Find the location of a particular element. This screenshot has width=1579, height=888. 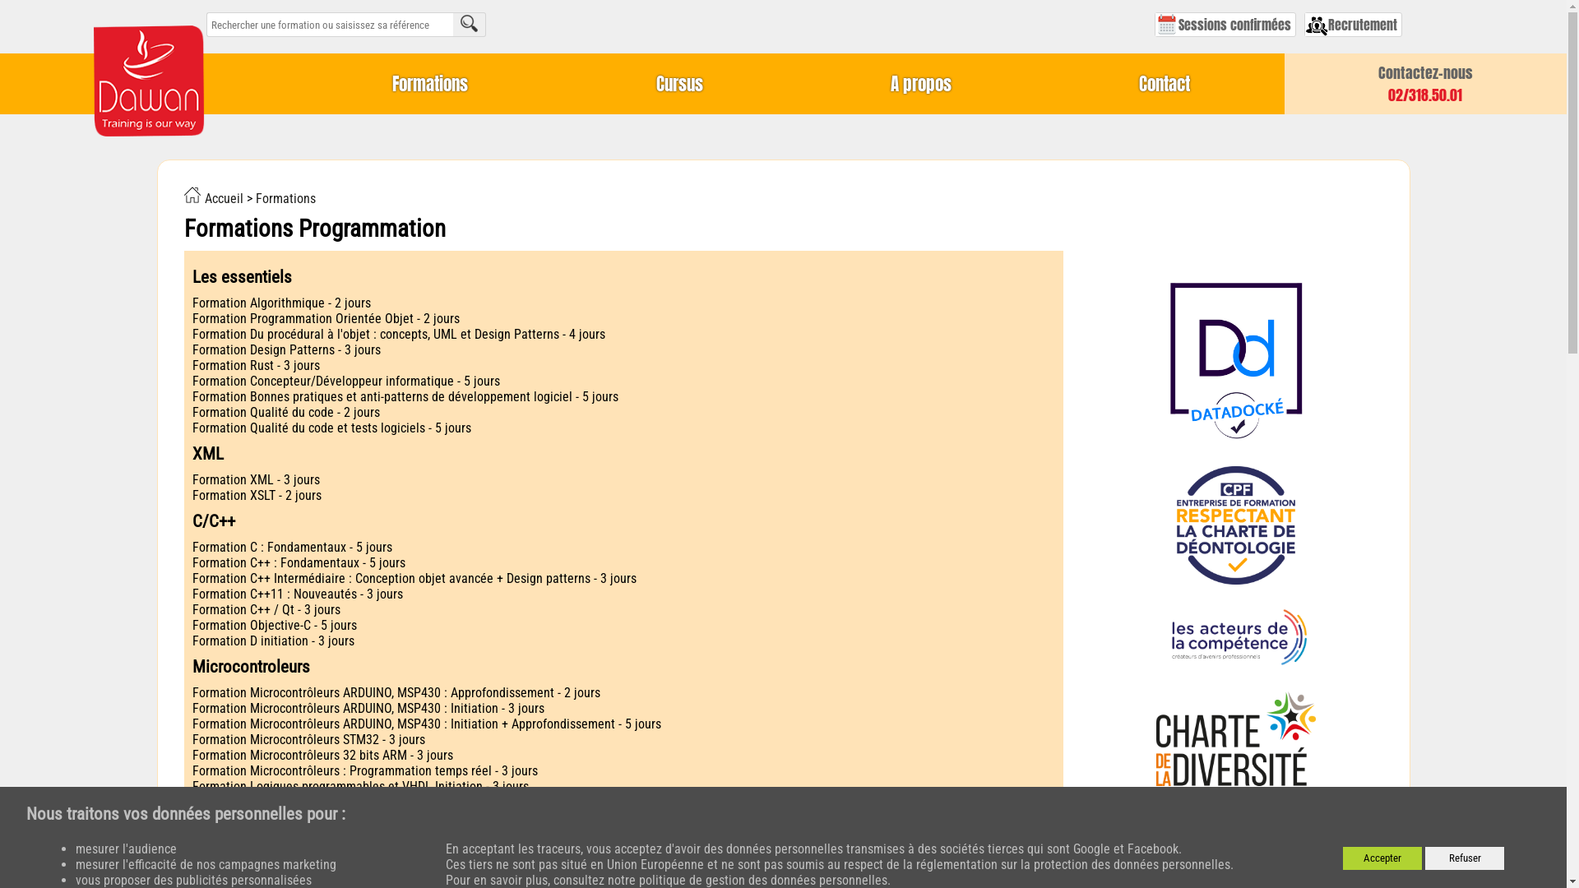

'Contactez-nous is located at coordinates (1424, 83).